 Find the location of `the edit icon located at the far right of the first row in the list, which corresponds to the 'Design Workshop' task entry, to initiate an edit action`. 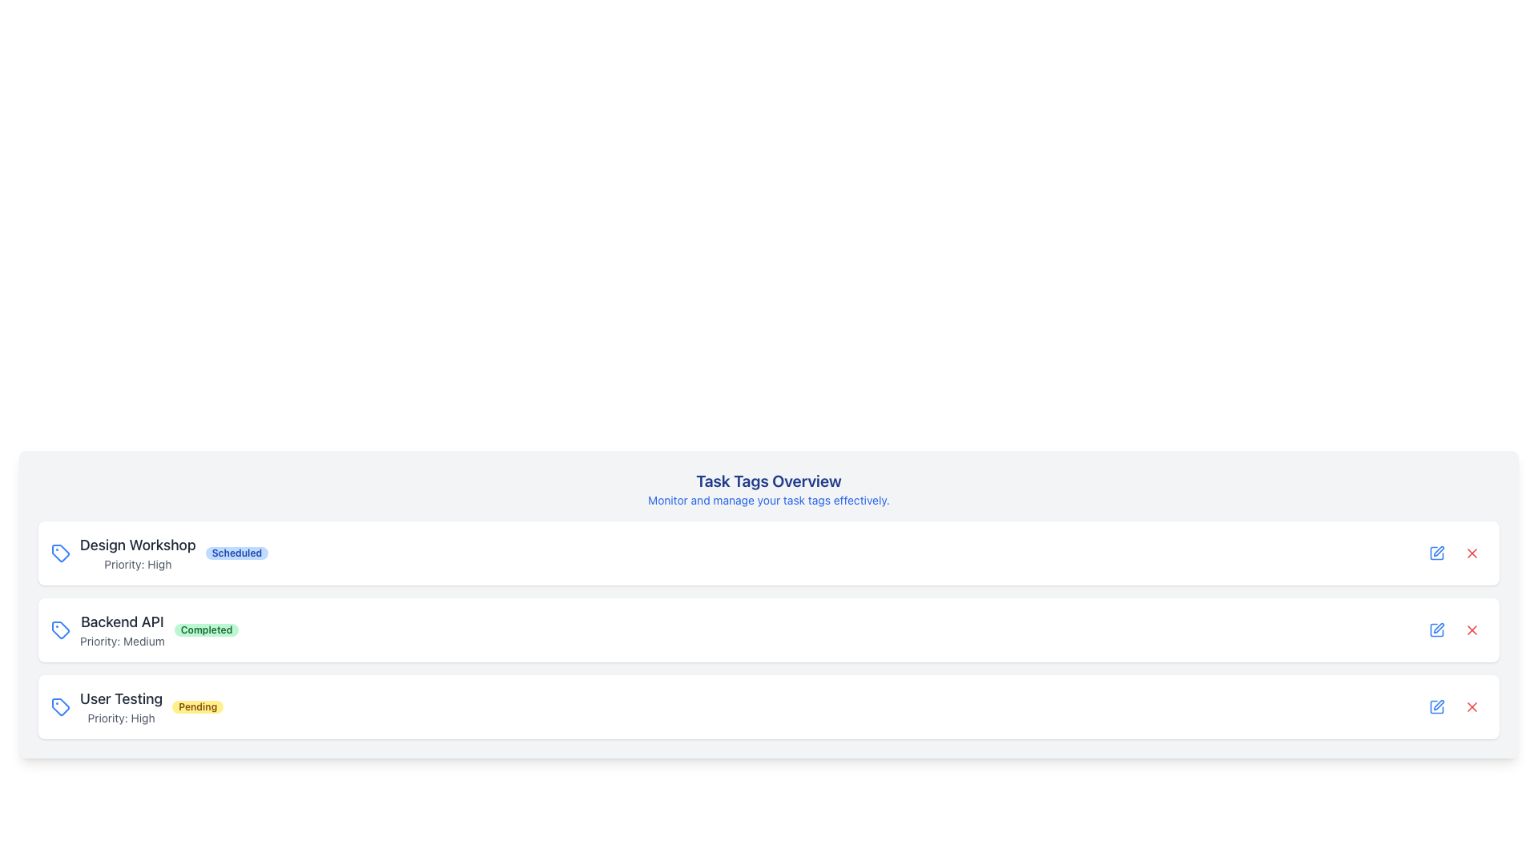

the edit icon located at the far right of the first row in the list, which corresponds to the 'Design Workshop' task entry, to initiate an edit action is located at coordinates (1437, 552).